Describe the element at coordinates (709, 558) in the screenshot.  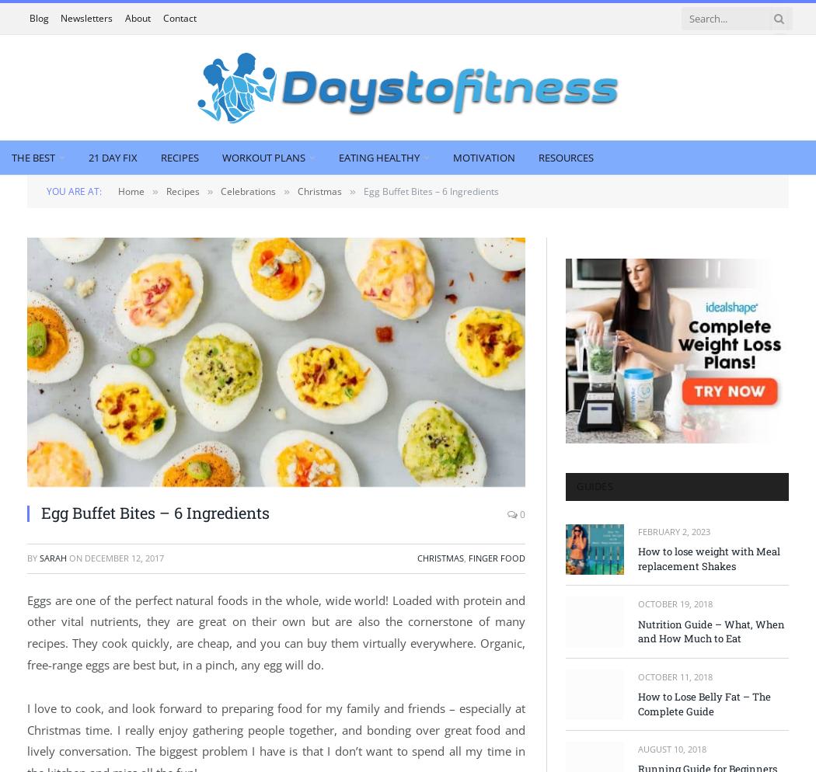
I see `'How to lose weight with Meal replacement Shakes'` at that location.